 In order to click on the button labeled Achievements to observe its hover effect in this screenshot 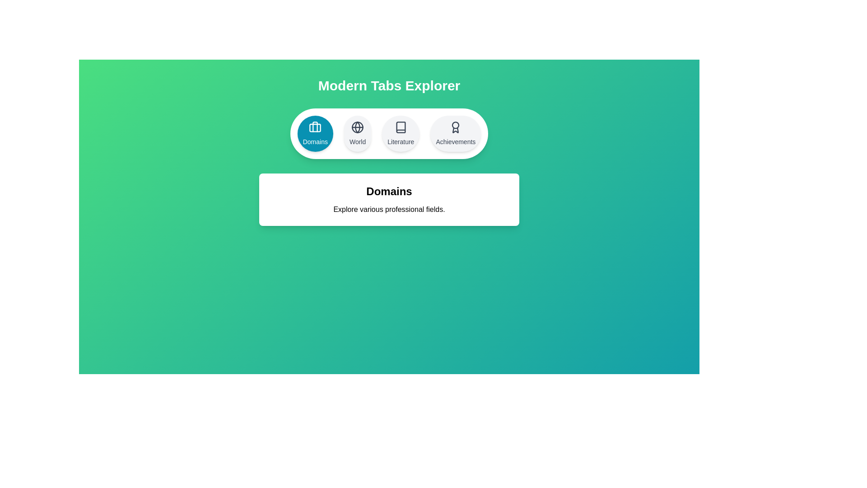, I will do `click(455, 134)`.